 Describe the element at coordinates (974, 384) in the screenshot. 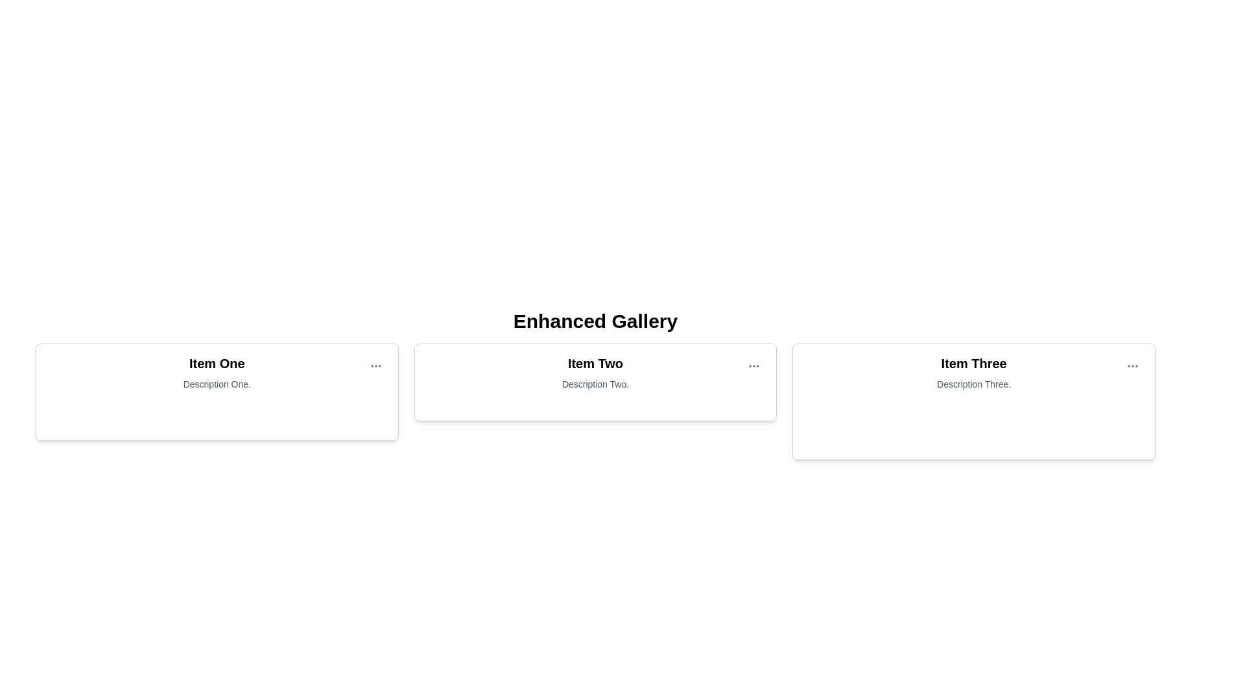

I see `text content of the text element displaying 'Description Three.' which is located below the heading 'Item Three.'` at that location.